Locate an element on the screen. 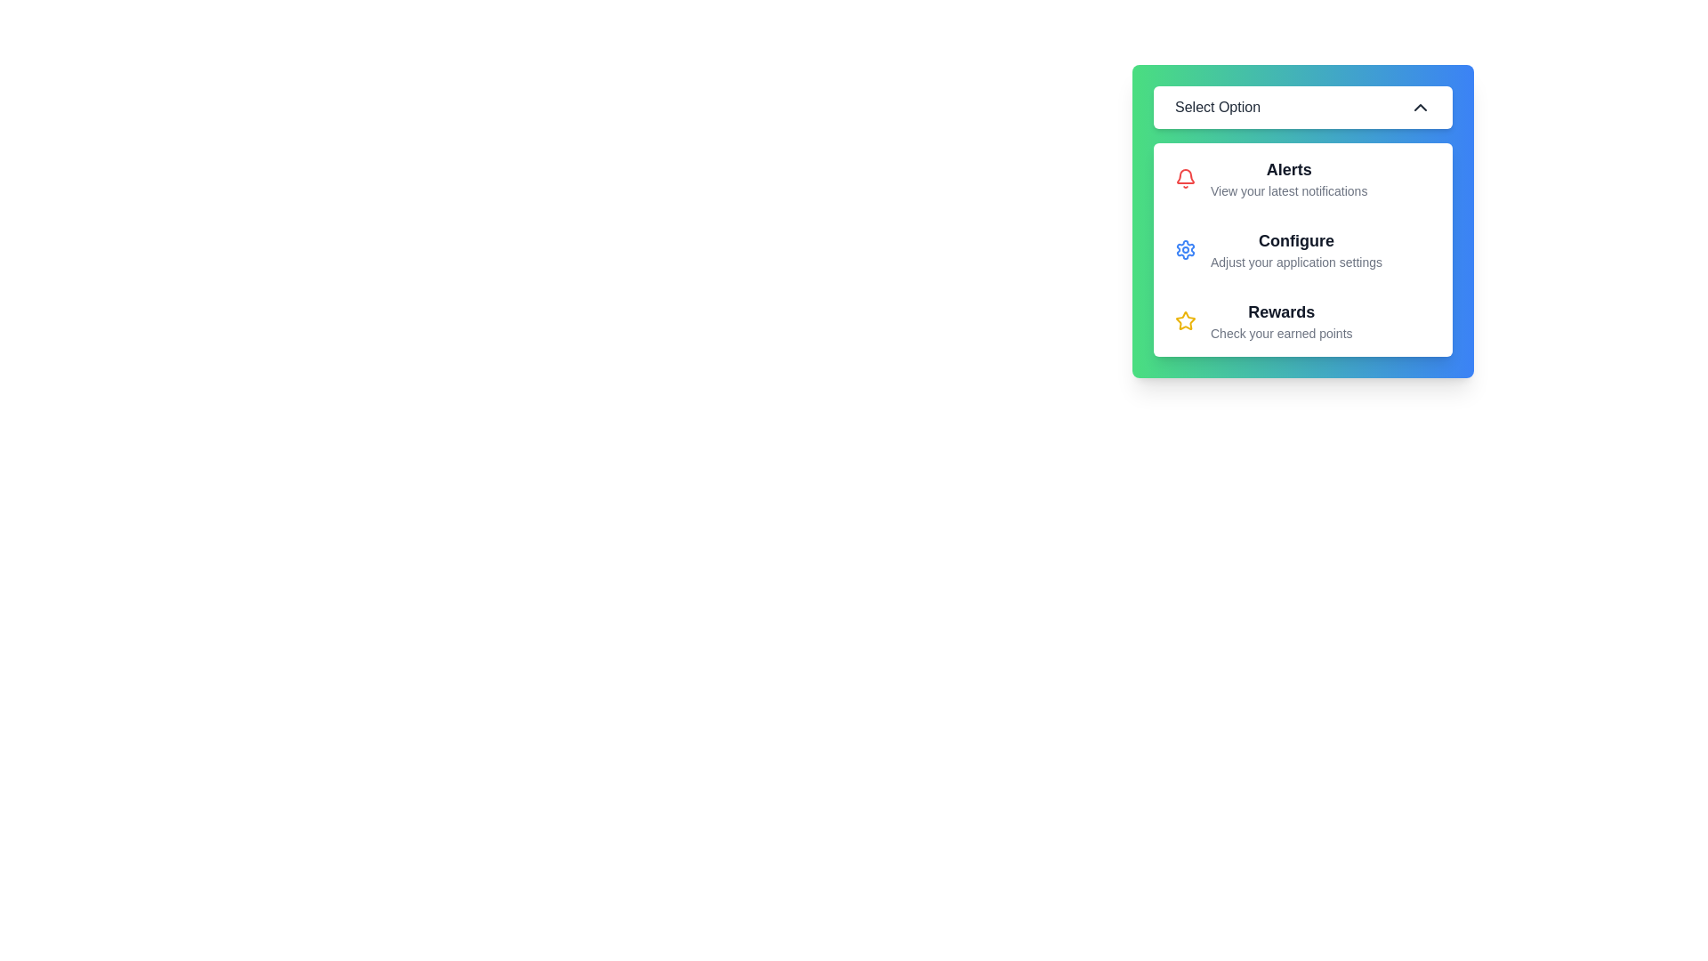  the 'Settings' icon located between 'Alerts' and 'Rewards' is located at coordinates (1186, 250).